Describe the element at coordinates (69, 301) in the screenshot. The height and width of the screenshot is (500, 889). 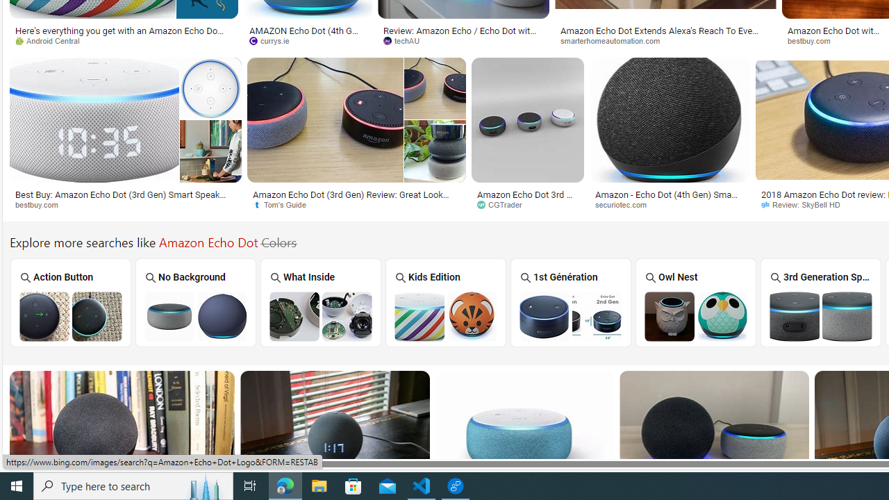
I see `'Action Button'` at that location.